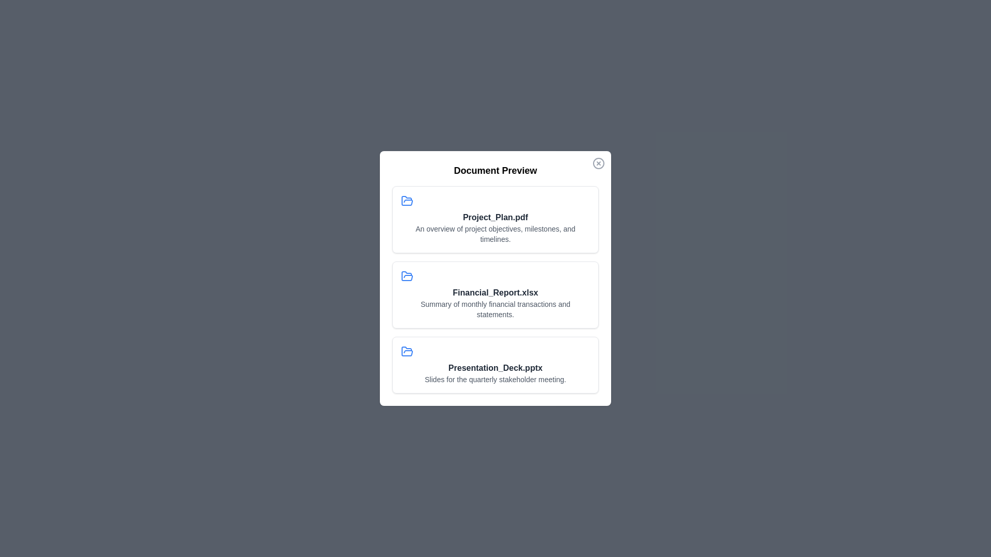 This screenshot has width=991, height=557. Describe the element at coordinates (599, 162) in the screenshot. I see `the close button in the top-right corner of the dialog` at that location.